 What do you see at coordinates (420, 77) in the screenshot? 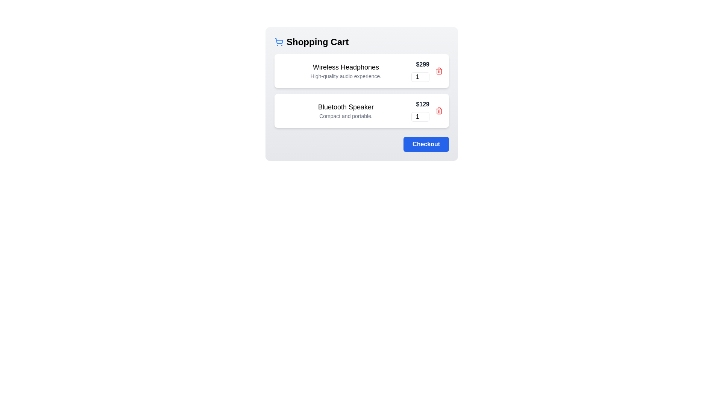
I see `the quantity of the item to 1 by interacting with the input field` at bounding box center [420, 77].